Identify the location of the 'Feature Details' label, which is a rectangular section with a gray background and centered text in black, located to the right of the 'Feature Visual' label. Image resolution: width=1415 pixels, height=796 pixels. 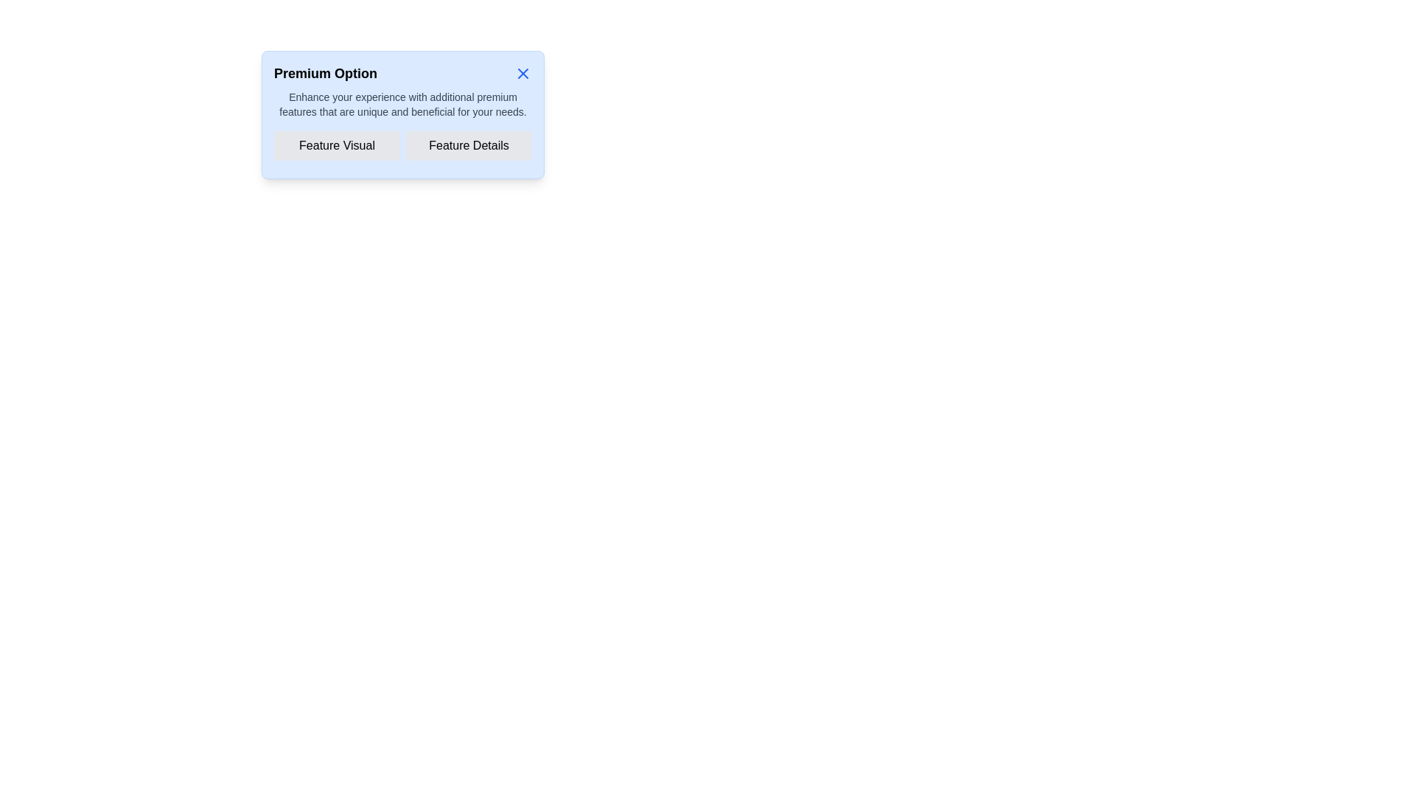
(468, 145).